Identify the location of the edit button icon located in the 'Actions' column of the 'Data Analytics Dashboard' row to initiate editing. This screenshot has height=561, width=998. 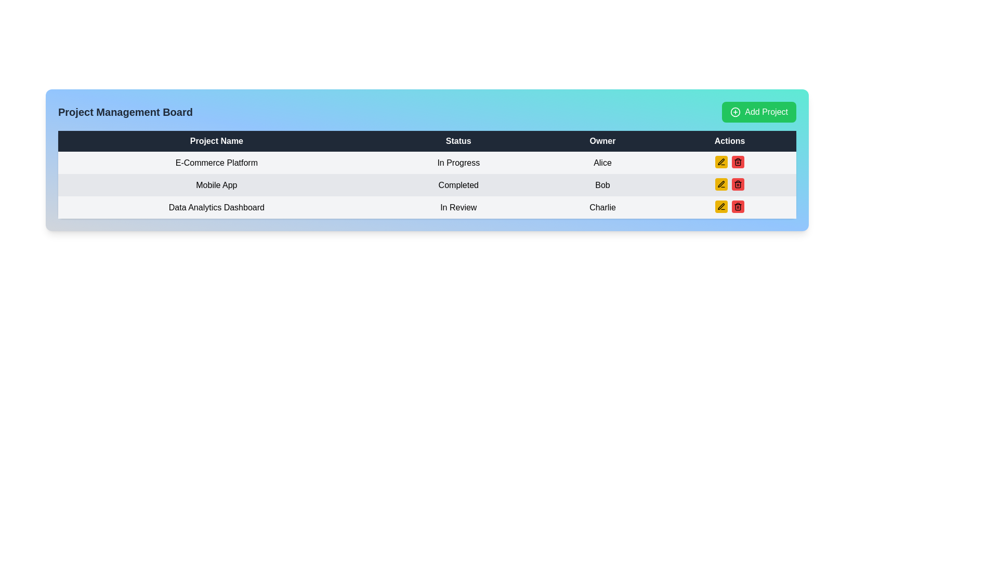
(720, 206).